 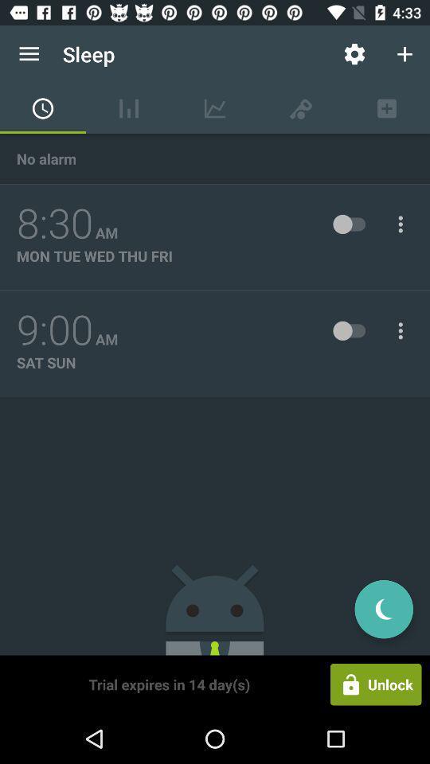 I want to click on the icon to the left of the am icon, so click(x=54, y=223).